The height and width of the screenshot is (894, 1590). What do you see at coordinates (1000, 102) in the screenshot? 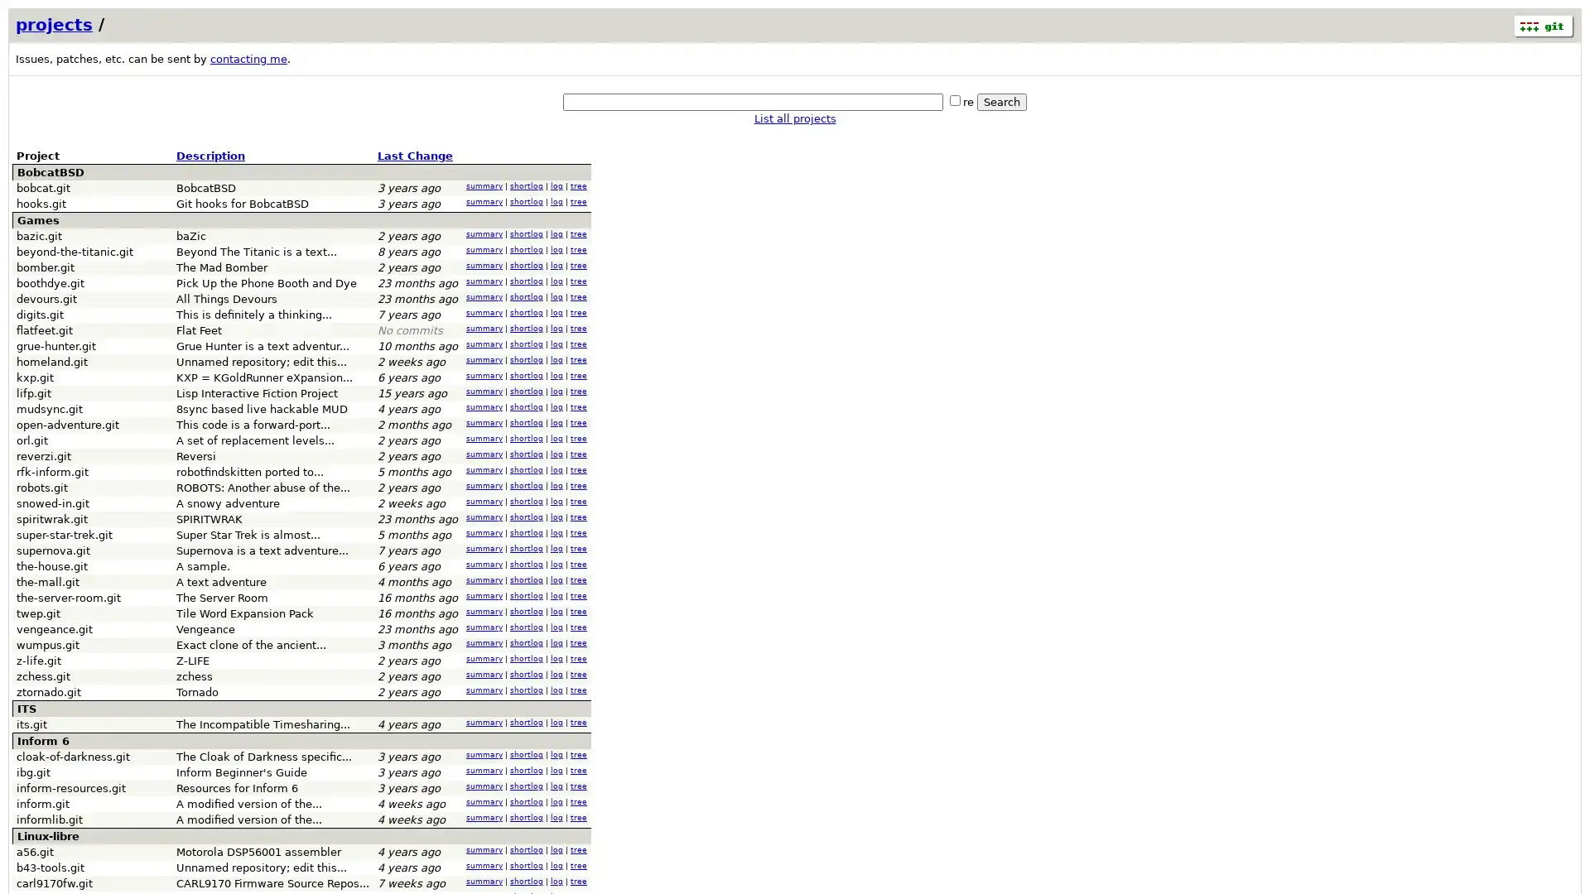
I see `Search` at bounding box center [1000, 102].